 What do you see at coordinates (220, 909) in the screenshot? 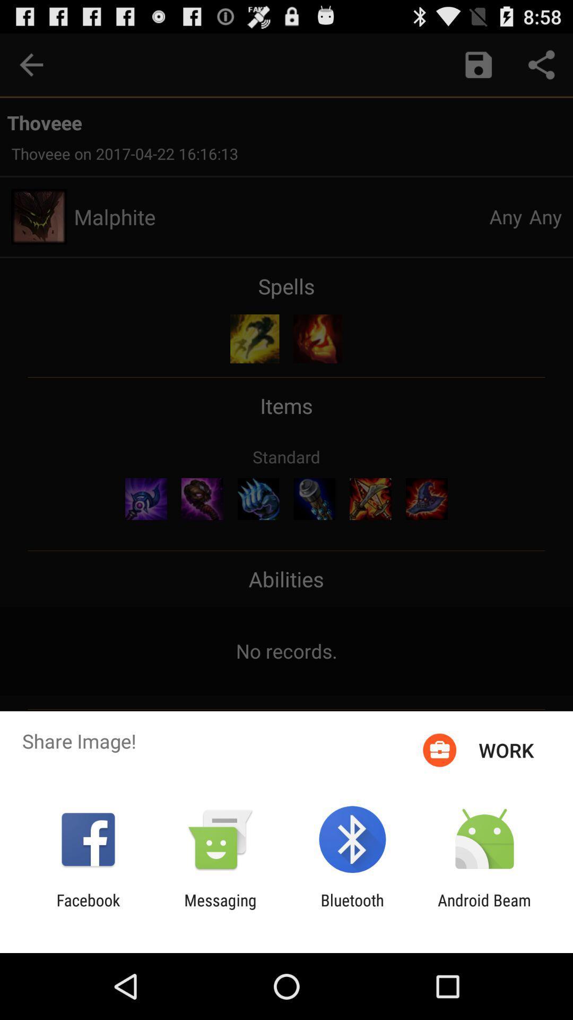
I see `icon next to bluetooth` at bounding box center [220, 909].